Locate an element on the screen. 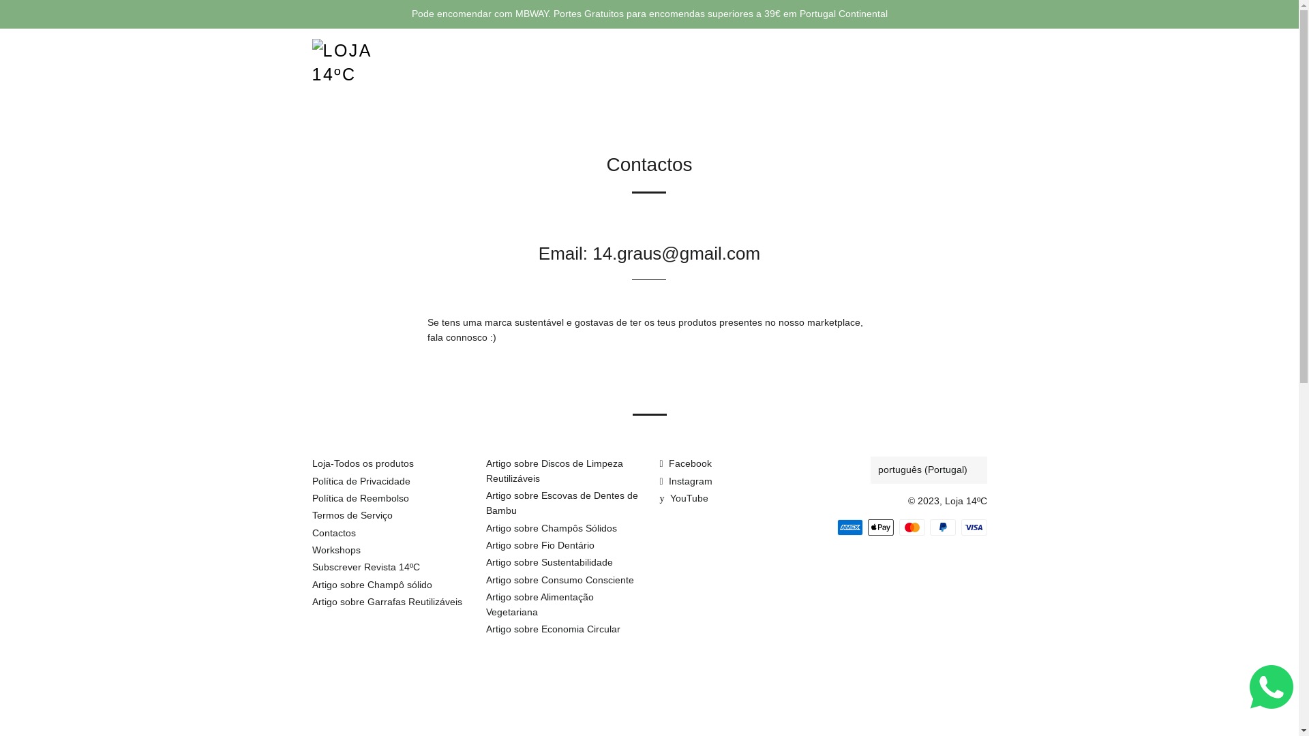 This screenshot has width=1309, height=736. 'Instagram' is located at coordinates (686, 480).